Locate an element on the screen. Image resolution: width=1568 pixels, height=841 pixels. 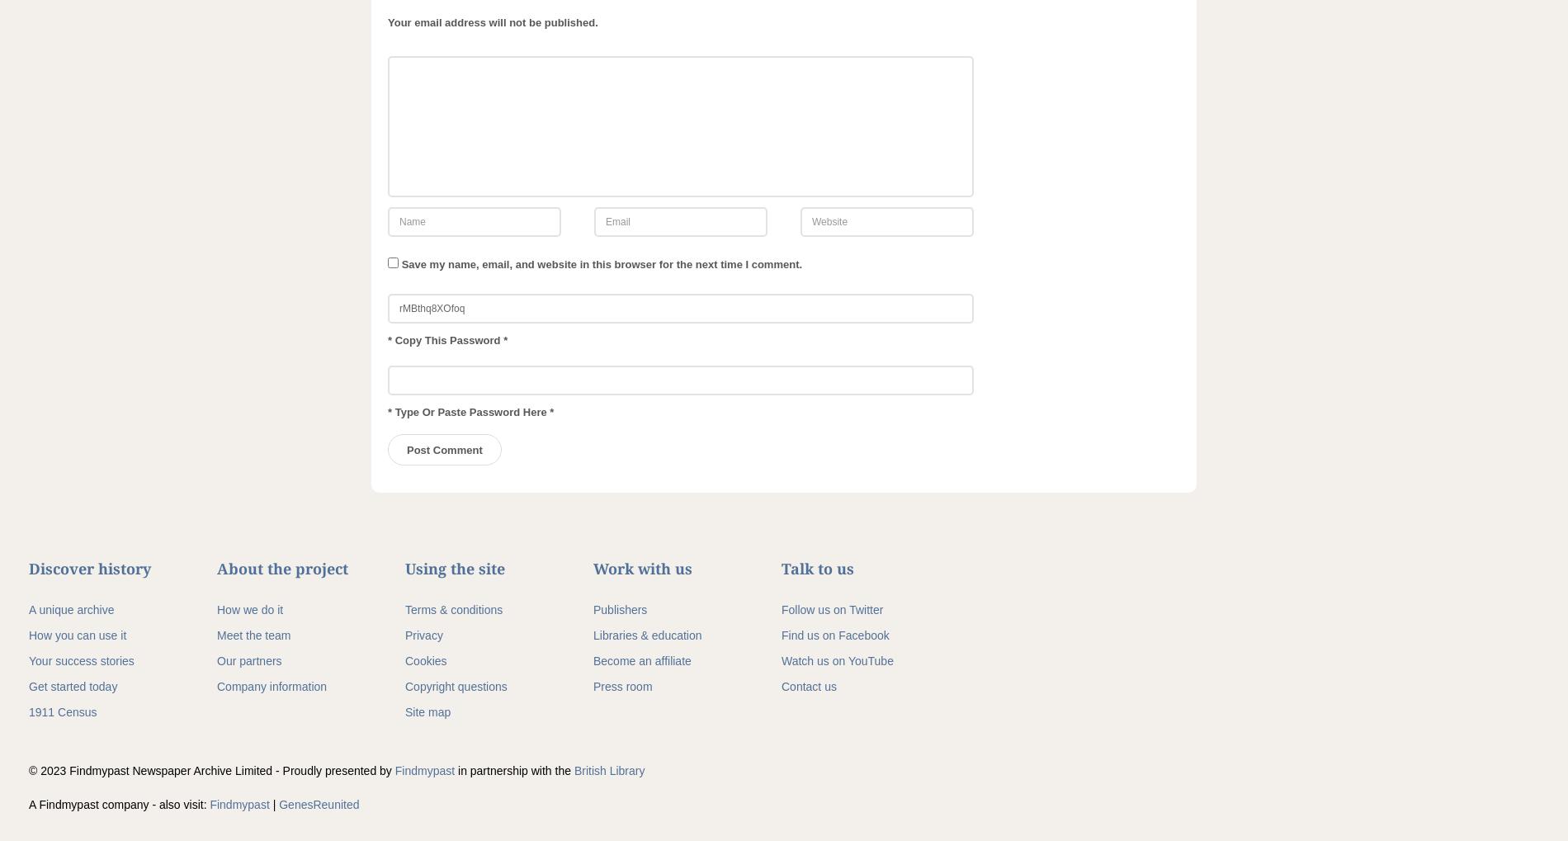
'Find us on Facebook' is located at coordinates (834, 634).